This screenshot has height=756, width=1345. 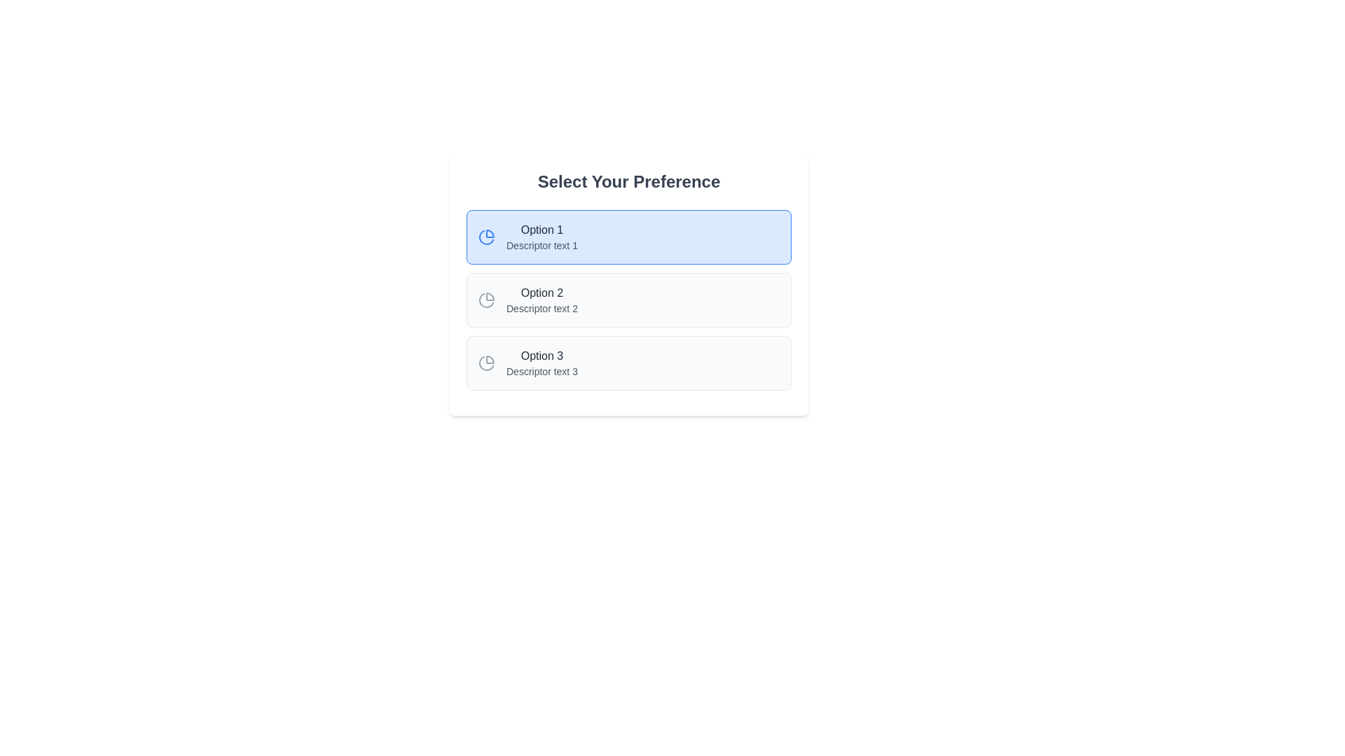 I want to click on the option associated with the text label 'Option 3', which is the main label of the third option in a vertical list under 'Select Your Preference', so click(x=541, y=356).